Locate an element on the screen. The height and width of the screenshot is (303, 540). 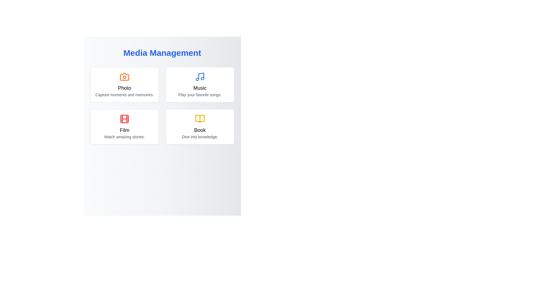
the text label that reads 'Watch amazing stories.' which is located in the 'Film' section, directly below the title text 'Film' is located at coordinates (124, 137).